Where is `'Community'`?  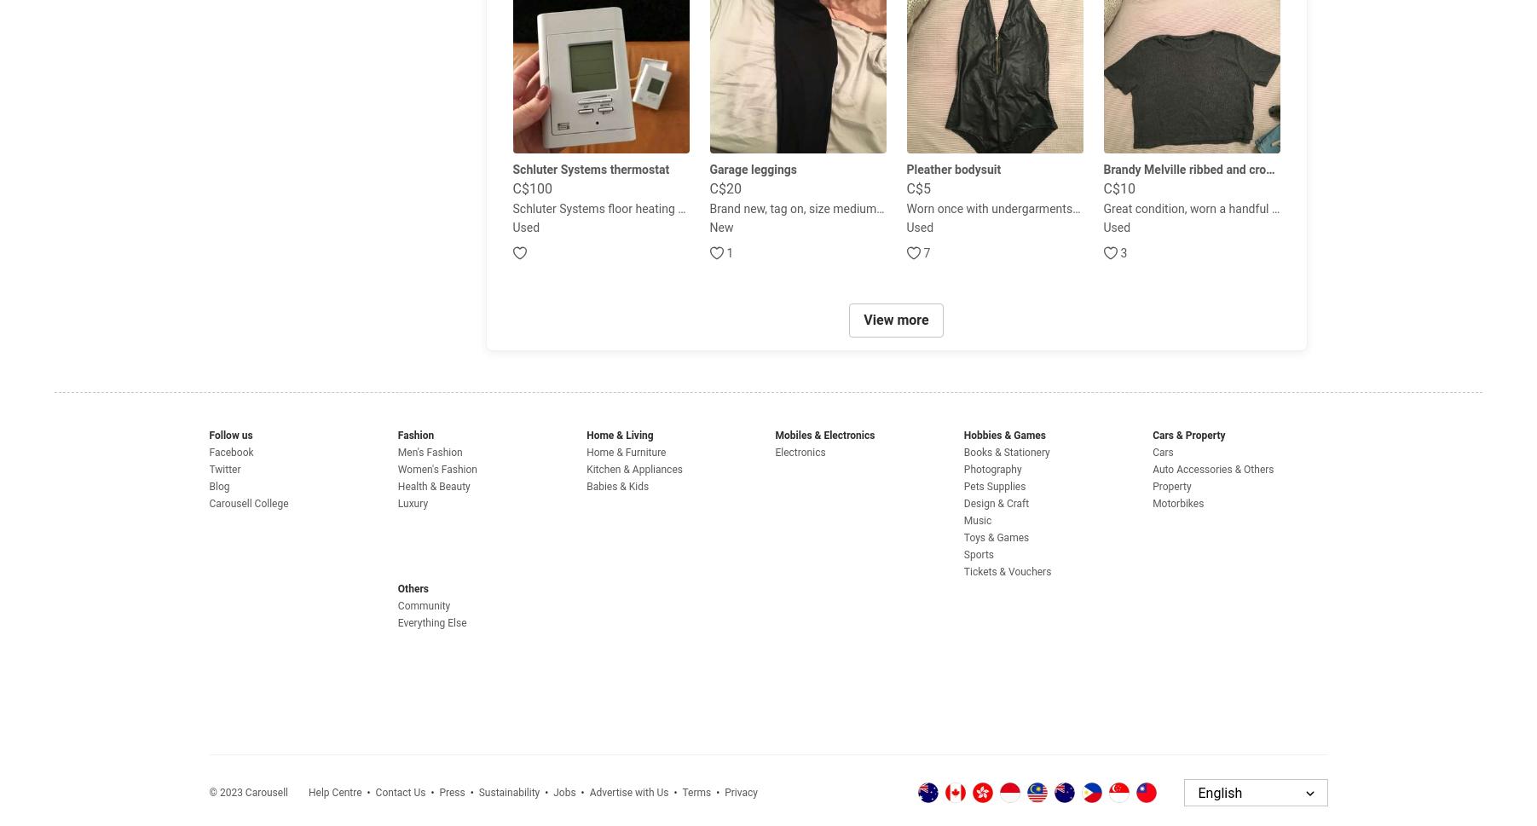 'Community' is located at coordinates (423, 605).